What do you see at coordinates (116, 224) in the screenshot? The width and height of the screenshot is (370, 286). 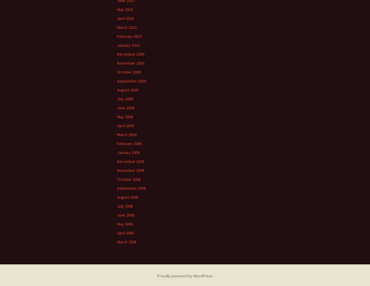 I see `'May 2008'` at bounding box center [116, 224].